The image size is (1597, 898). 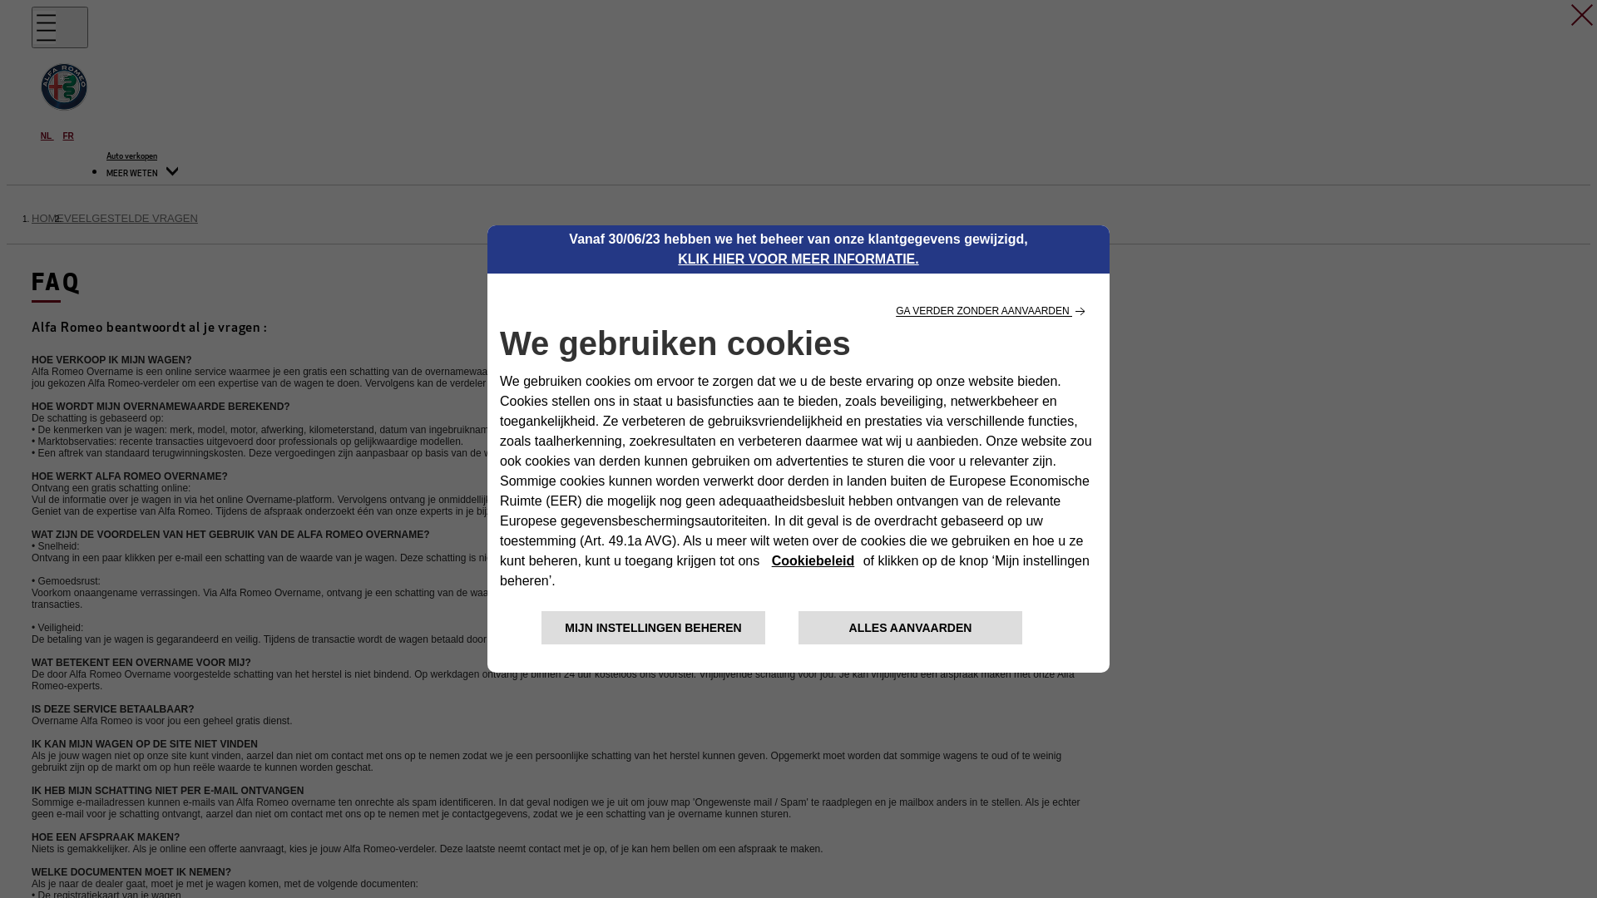 I want to click on 'Auto verkopen', so click(x=131, y=156).